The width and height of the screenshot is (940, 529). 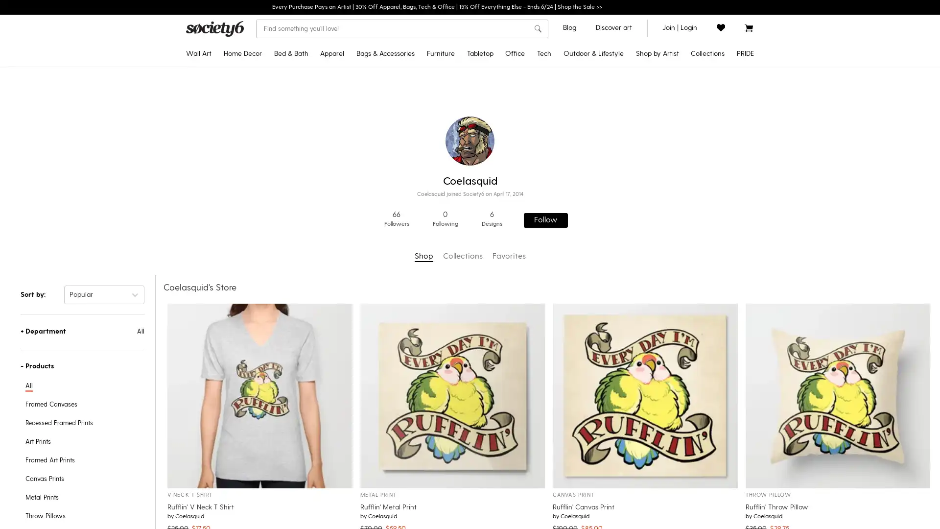 What do you see at coordinates (312, 94) in the screenshot?
I see `Duvet Covers` at bounding box center [312, 94].